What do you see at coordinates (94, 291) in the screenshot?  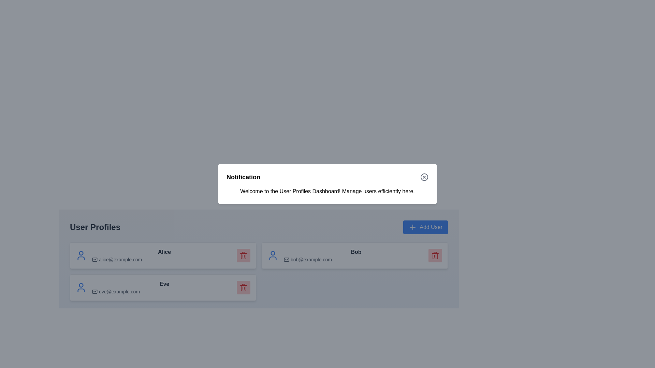 I see `the envelope icon located in the 'User Profiles' section, which is adjacent to the email address 'eve@example.com'` at bounding box center [94, 291].